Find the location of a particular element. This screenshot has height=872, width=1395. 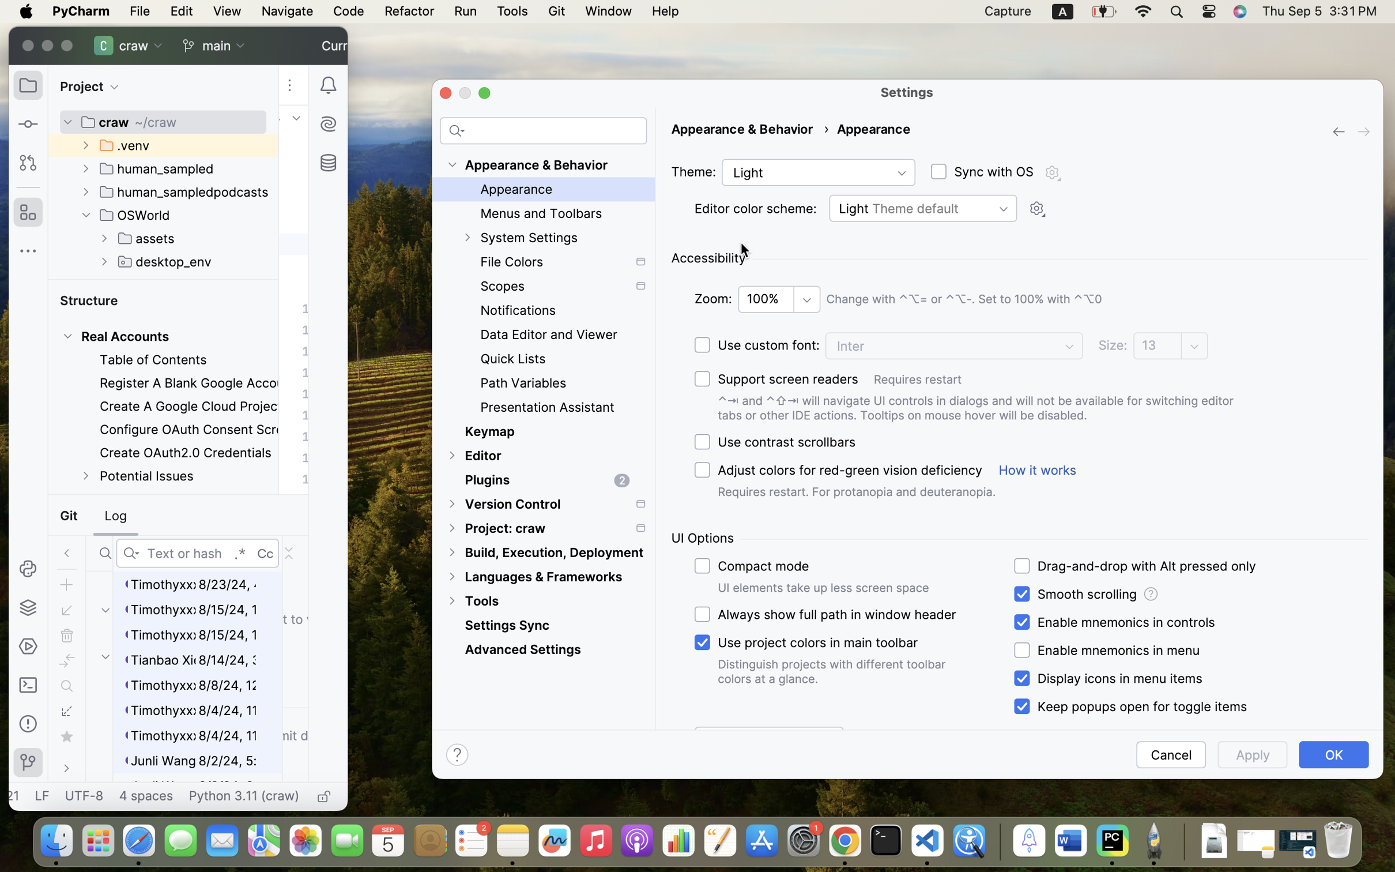

'Theme:' is located at coordinates (693, 171).